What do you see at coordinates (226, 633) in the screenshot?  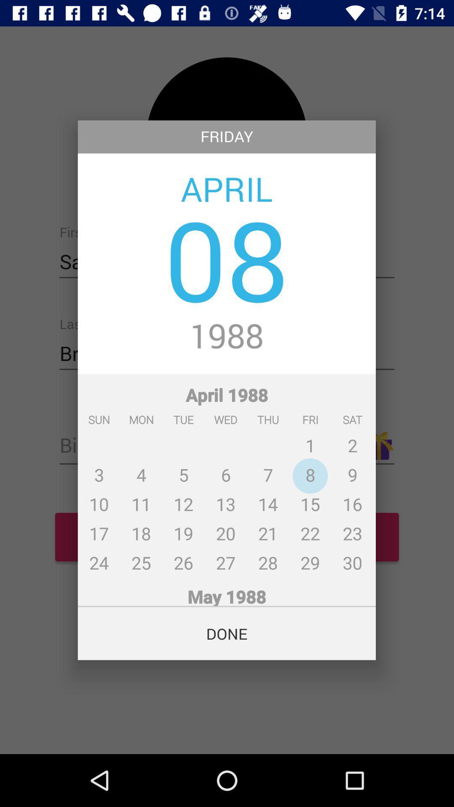 I see `the done` at bounding box center [226, 633].